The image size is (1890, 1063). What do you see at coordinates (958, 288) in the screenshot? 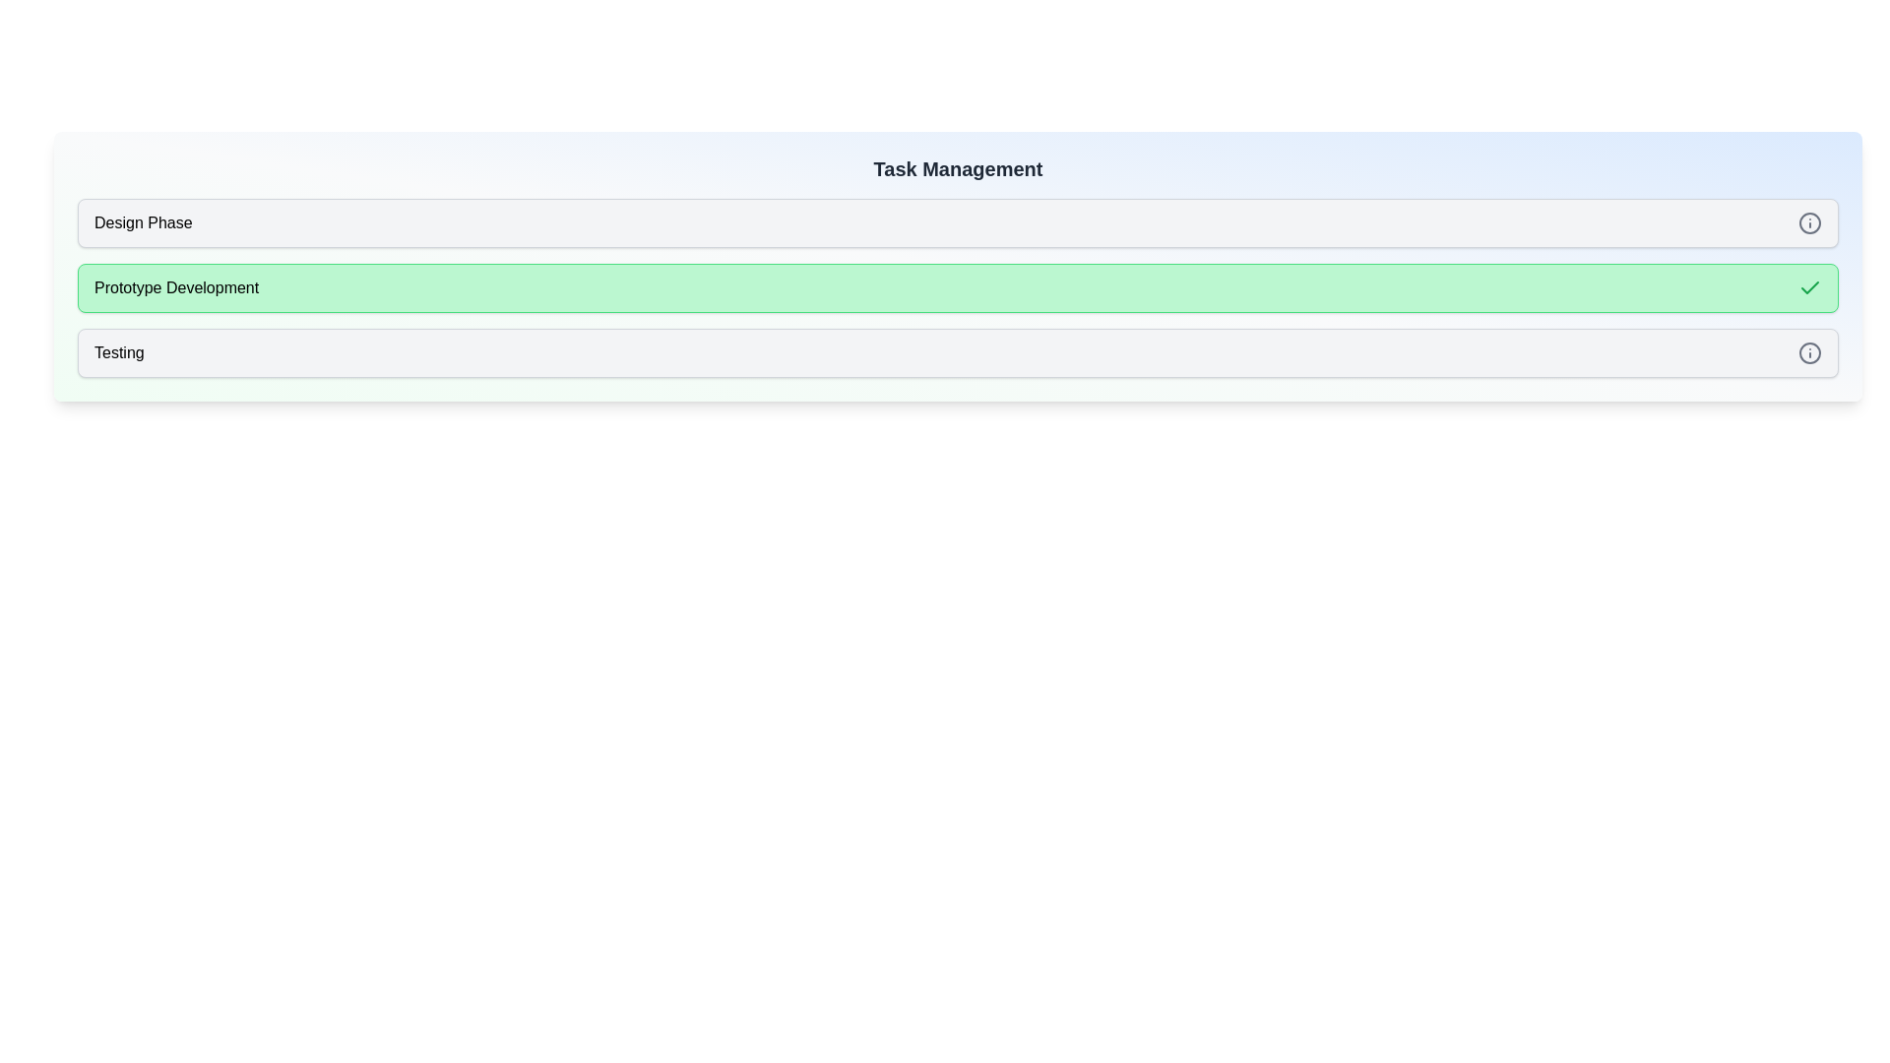
I see `the task button corresponding to Prototype Development to toggle its completion state` at bounding box center [958, 288].